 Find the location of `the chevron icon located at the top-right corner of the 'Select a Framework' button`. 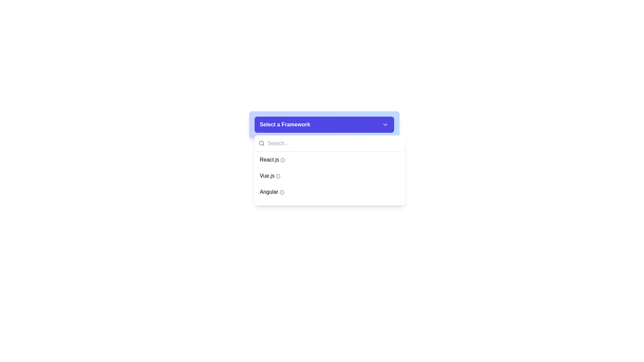

the chevron icon located at the top-right corner of the 'Select a Framework' button is located at coordinates (385, 124).